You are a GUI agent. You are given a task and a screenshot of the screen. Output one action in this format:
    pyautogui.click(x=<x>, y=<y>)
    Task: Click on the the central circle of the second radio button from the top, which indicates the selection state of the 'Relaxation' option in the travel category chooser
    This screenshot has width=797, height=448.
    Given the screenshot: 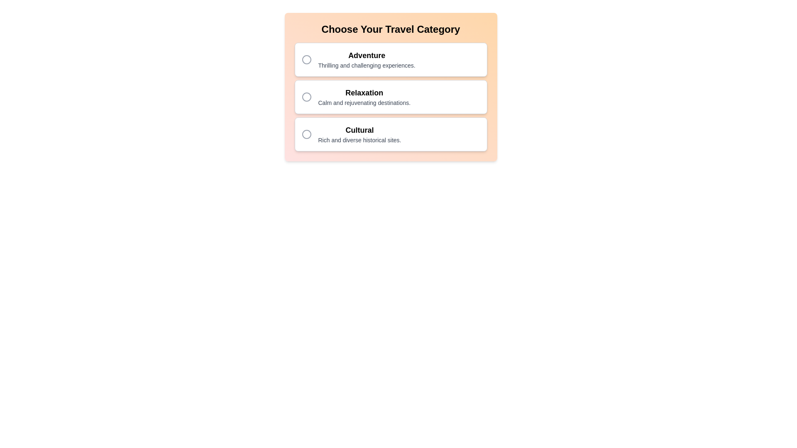 What is the action you would take?
    pyautogui.click(x=306, y=97)
    